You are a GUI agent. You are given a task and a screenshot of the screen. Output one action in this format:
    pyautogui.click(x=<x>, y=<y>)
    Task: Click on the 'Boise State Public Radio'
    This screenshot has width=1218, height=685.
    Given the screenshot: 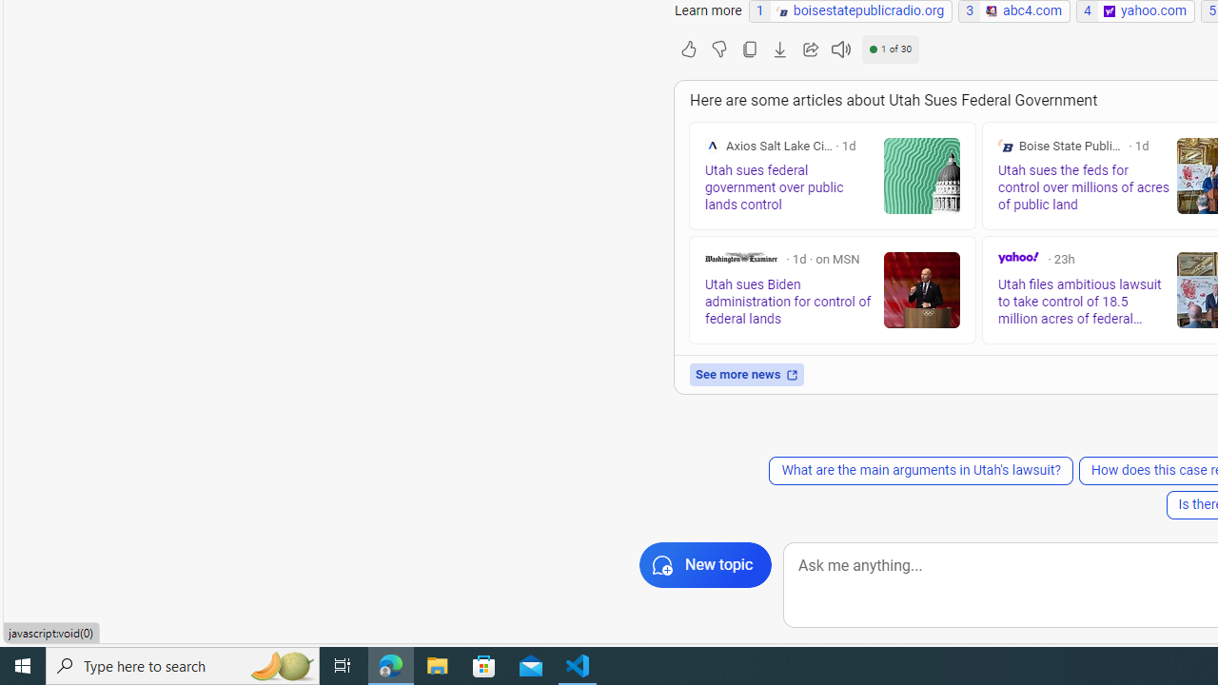 What is the action you would take?
    pyautogui.click(x=1005, y=145)
    